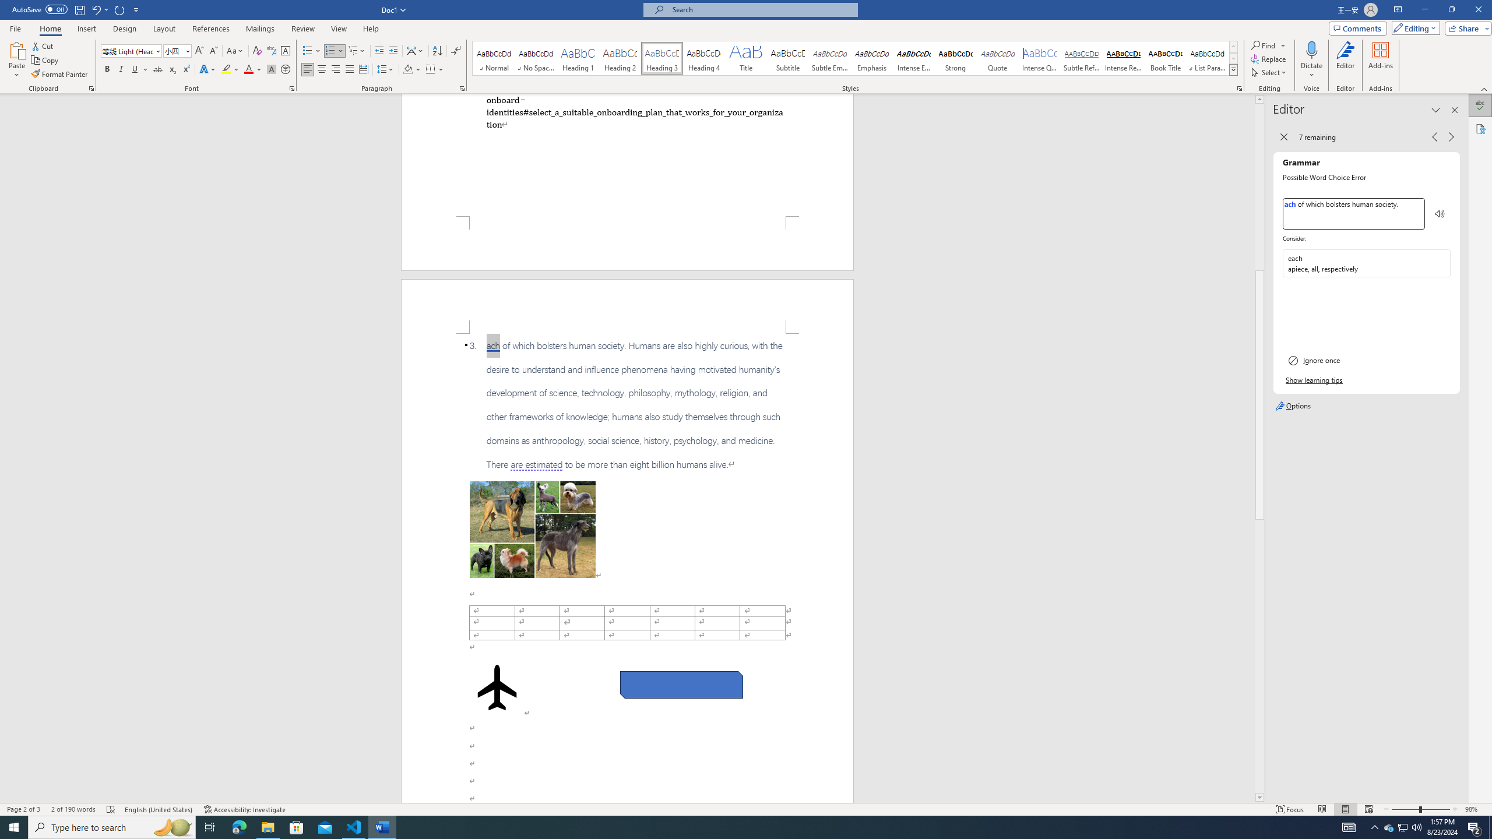 Image resolution: width=1492 pixels, height=839 pixels. I want to click on 'Increase Indent', so click(392, 51).